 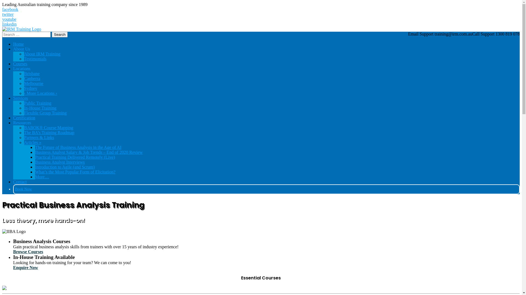 I want to click on 'Melbourne', so click(x=24, y=83).